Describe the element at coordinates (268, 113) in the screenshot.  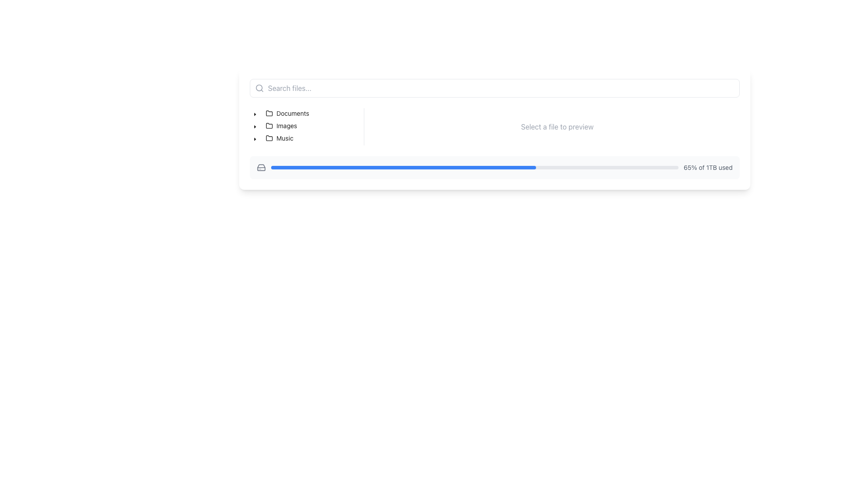
I see `the small dark folder icon located to the left of the 'Documents' label` at that location.